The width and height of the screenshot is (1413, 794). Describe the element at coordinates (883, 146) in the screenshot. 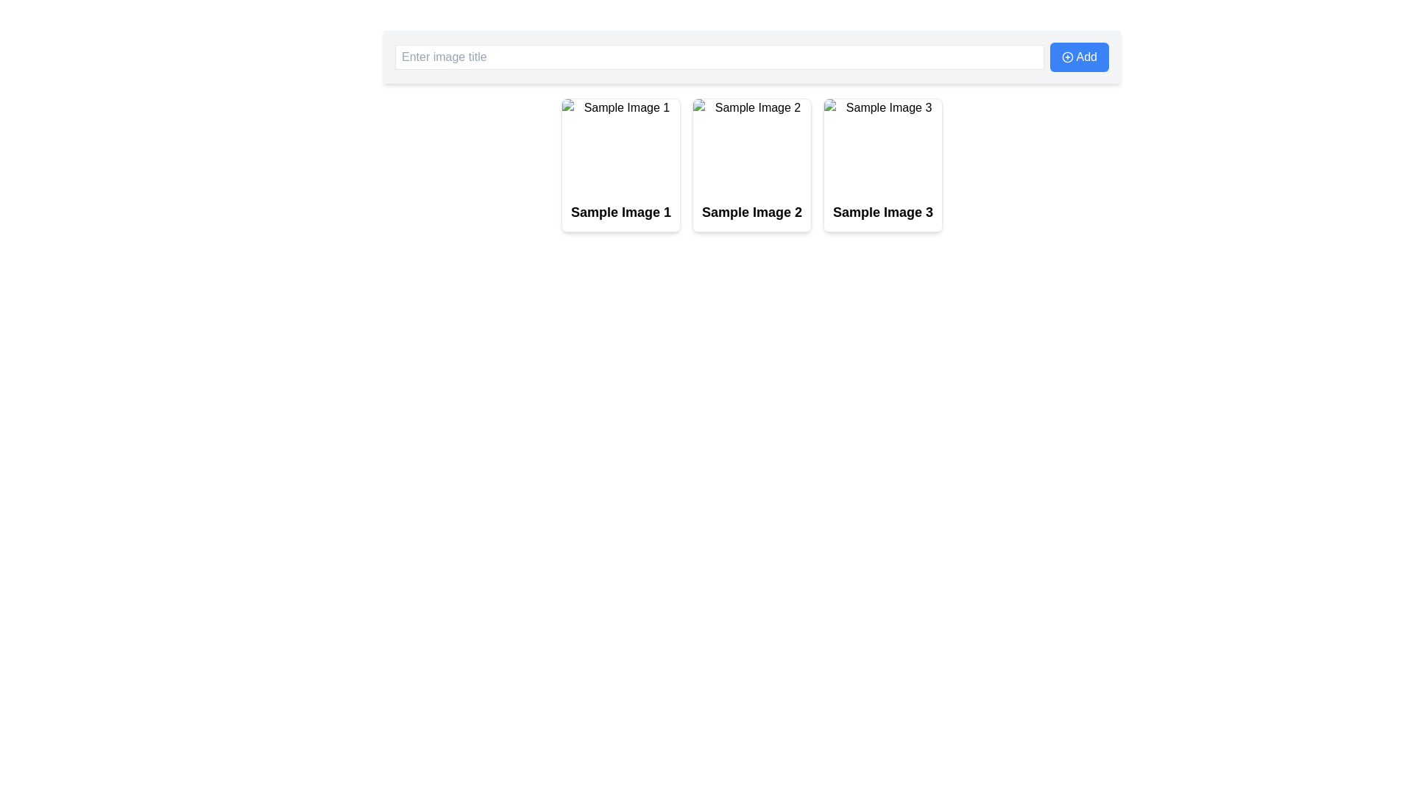

I see `the preview image of the card titled 'Sample Image 3', located at the bottom right of the visible group of cards` at that location.